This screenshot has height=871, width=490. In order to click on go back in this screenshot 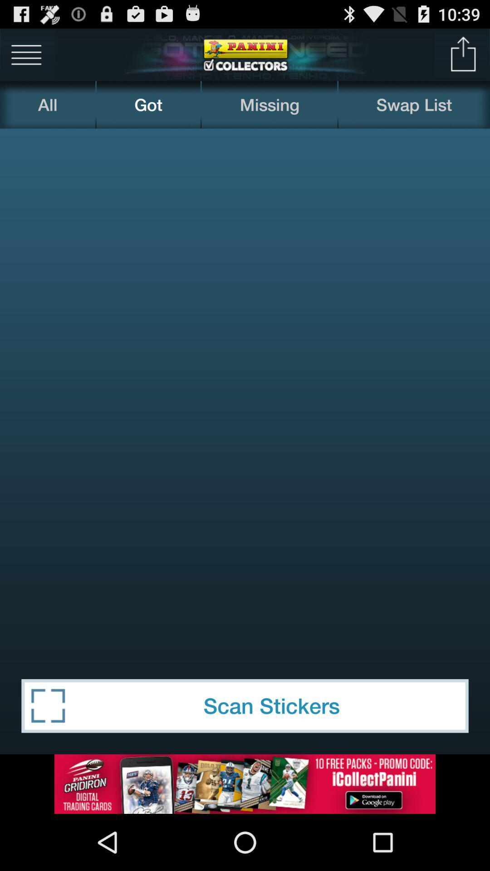, I will do `click(463, 54)`.